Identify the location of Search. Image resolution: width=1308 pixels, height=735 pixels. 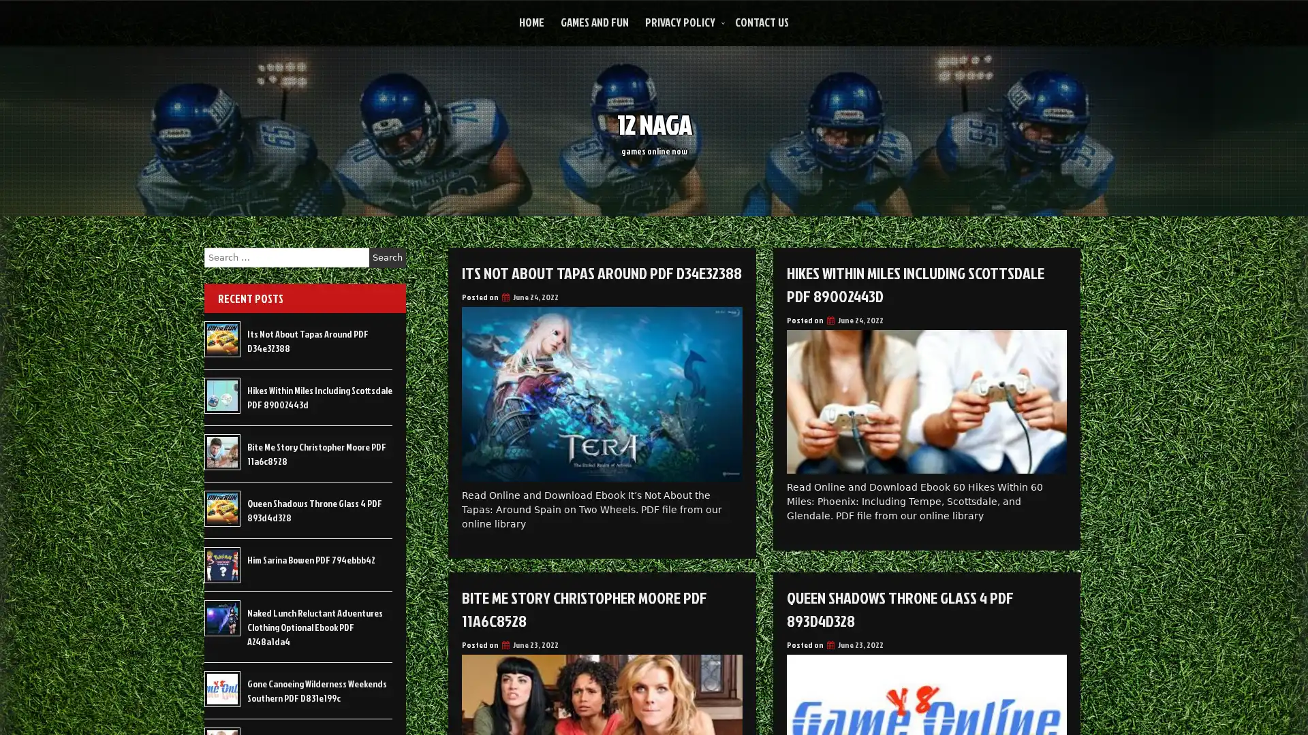
(387, 257).